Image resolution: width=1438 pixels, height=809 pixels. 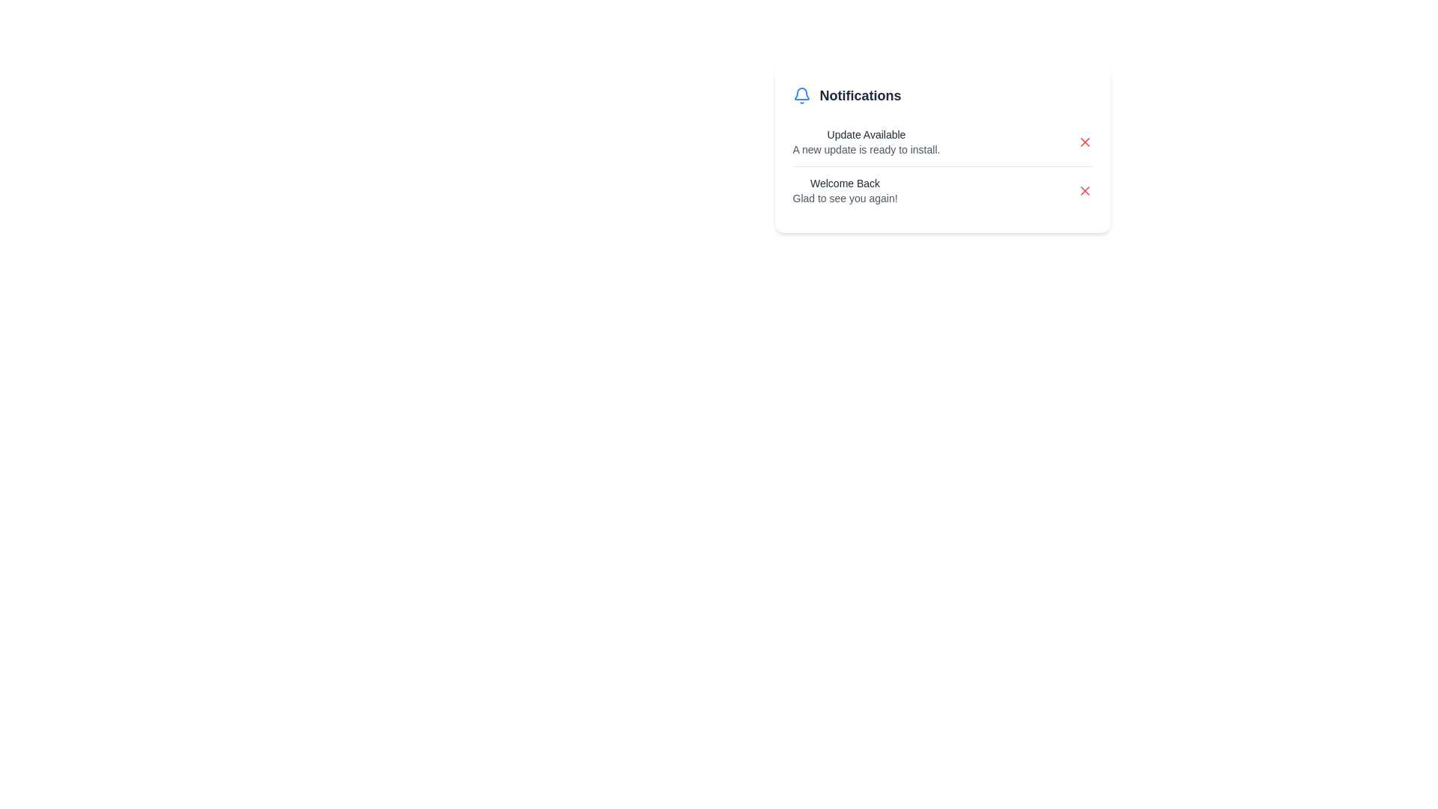 I want to click on the title text element of the notification card, which is located in the right-middle area and follows the bell icon, so click(x=860, y=95).